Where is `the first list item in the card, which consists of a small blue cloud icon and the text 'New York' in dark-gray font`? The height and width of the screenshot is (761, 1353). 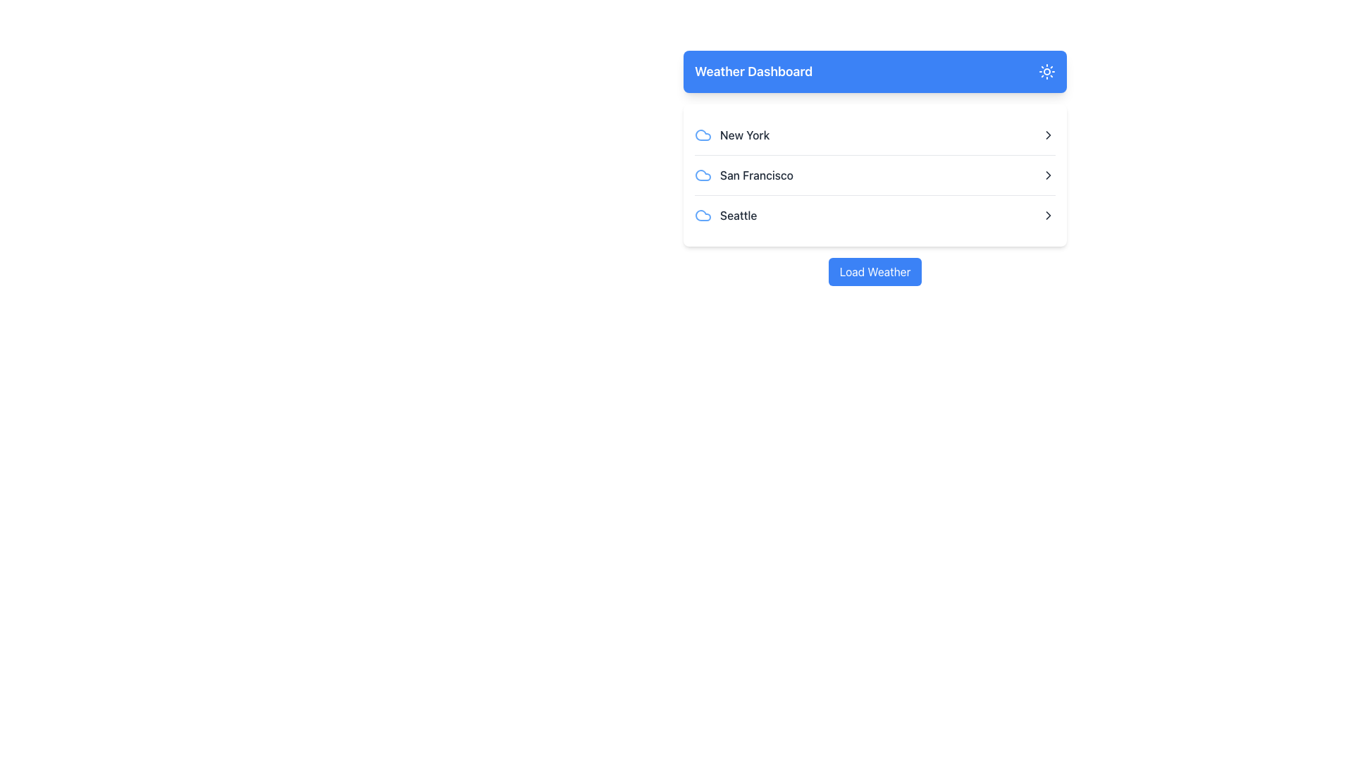
the first list item in the card, which consists of a small blue cloud icon and the text 'New York' in dark-gray font is located at coordinates (732, 135).